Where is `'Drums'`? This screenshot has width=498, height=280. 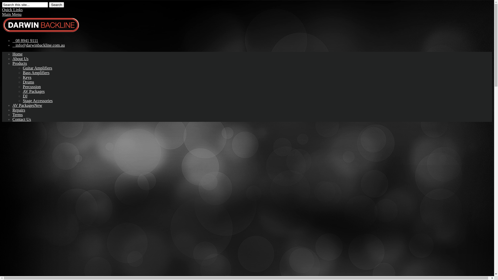
'Drums' is located at coordinates (28, 82).